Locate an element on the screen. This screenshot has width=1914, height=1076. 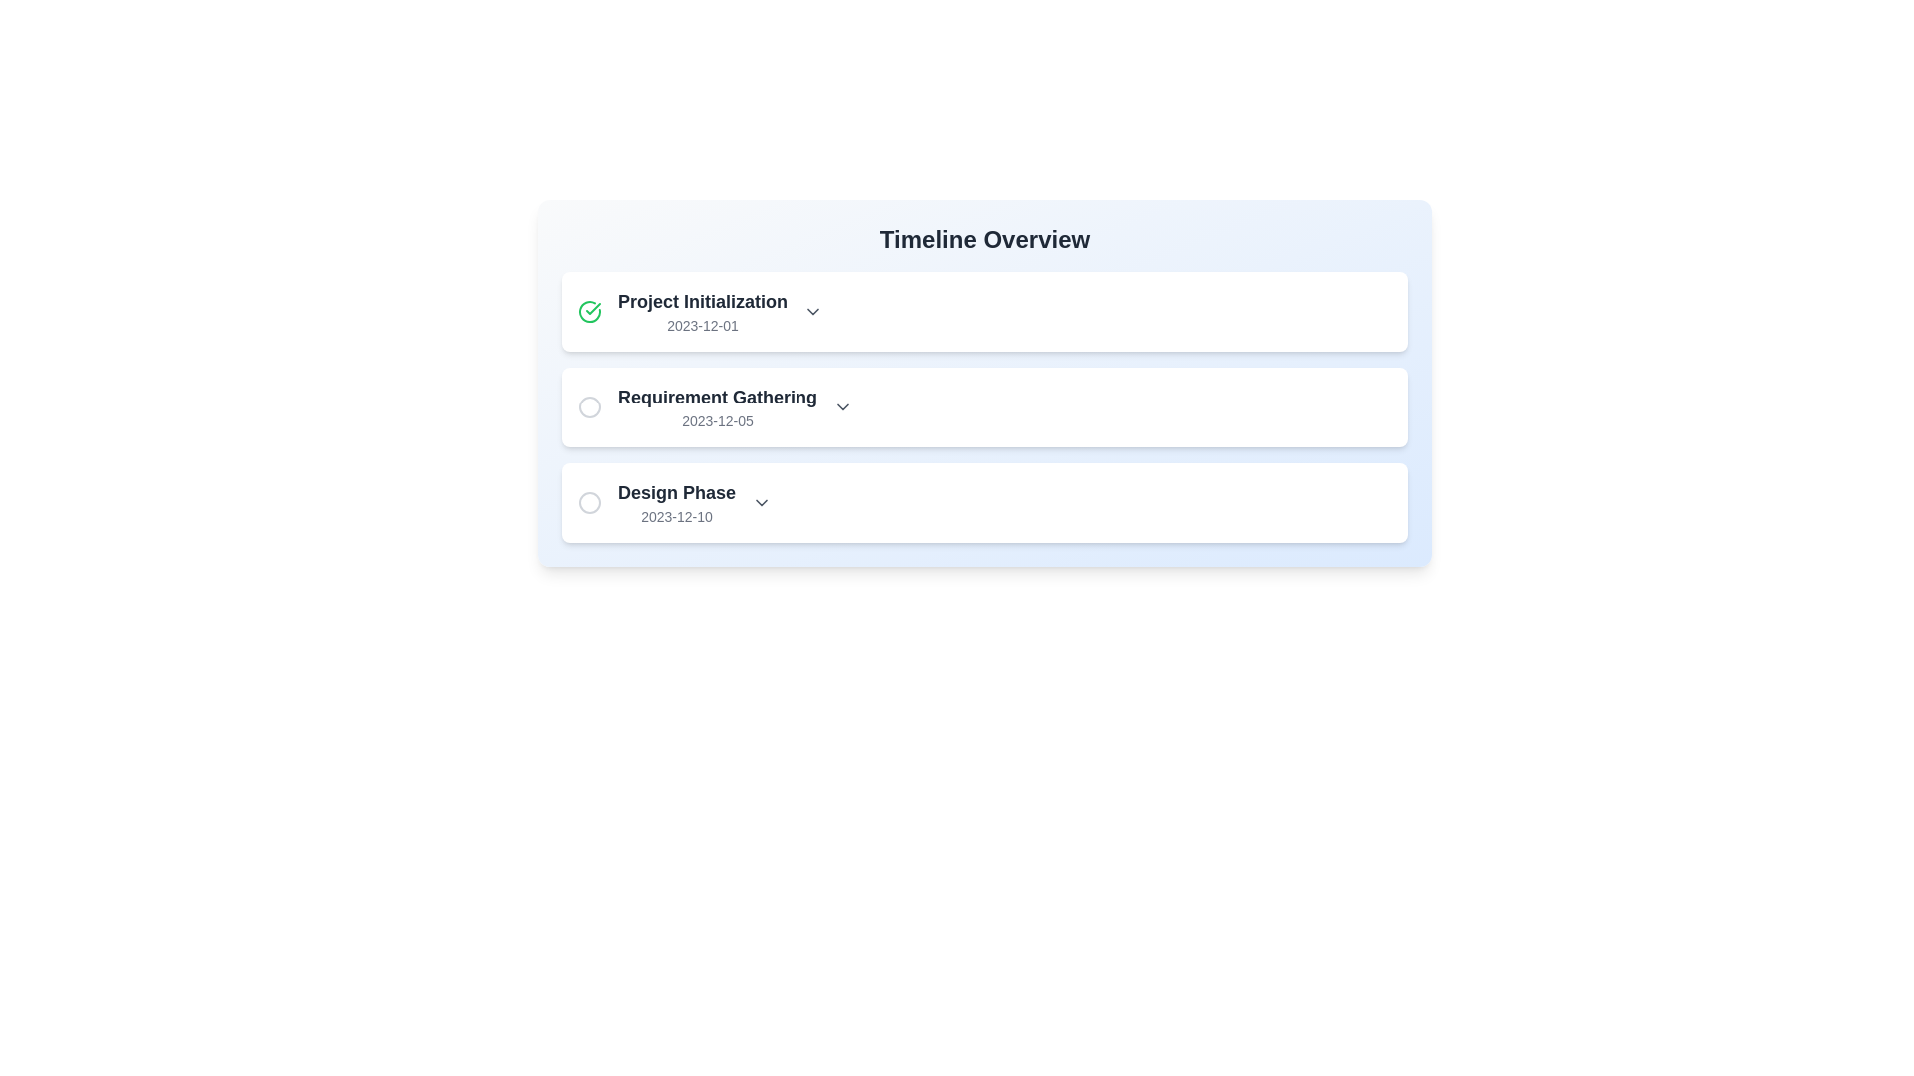
the inner circle SVG element adjacent to the 'Requirement Gathering' text in the timeline interface is located at coordinates (588, 502).